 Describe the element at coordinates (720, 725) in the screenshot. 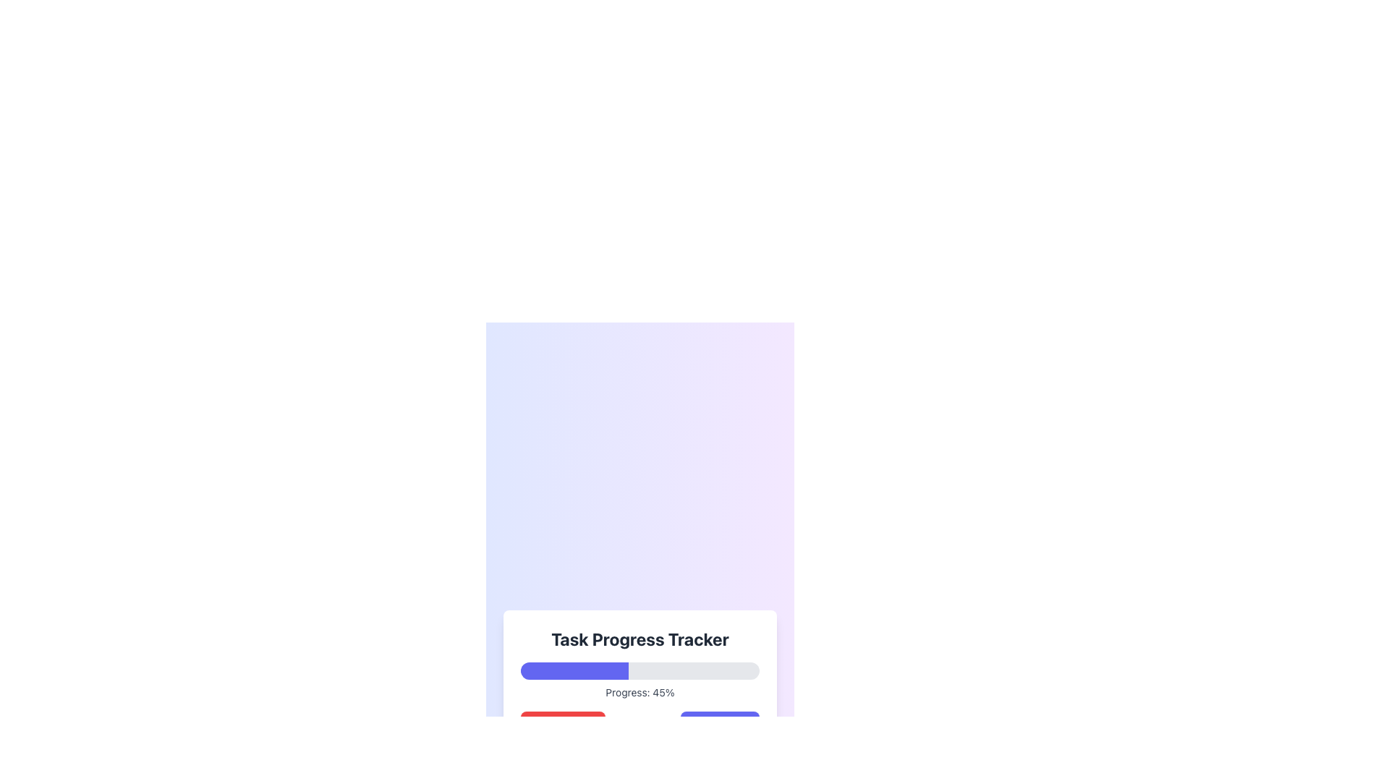

I see `the 'Increase' button located at the bottom section of the interface, positioned to the right of the 'Decrease' button` at that location.